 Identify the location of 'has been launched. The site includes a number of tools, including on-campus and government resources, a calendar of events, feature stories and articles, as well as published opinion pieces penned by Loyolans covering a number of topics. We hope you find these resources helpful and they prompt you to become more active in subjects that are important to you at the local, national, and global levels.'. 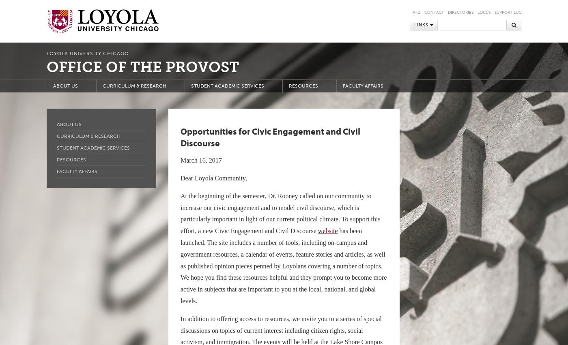
(284, 265).